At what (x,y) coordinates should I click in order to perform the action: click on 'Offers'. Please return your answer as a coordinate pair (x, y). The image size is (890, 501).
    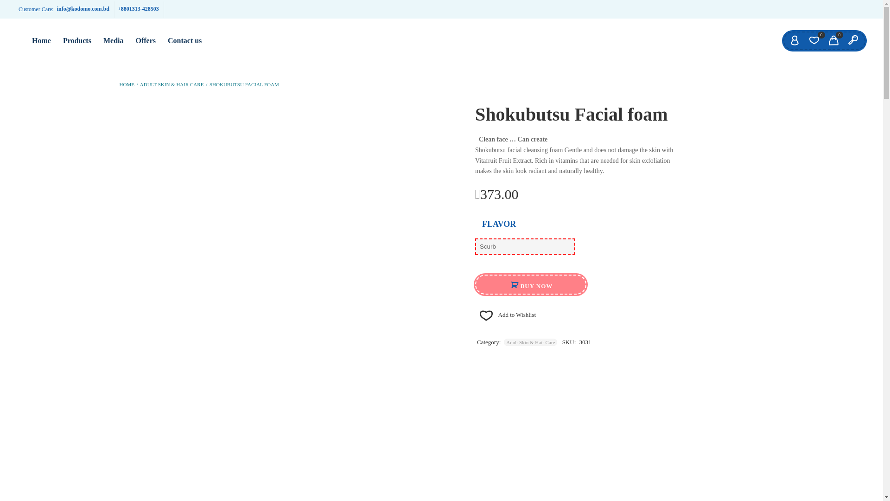
    Looking at the image, I should click on (128, 40).